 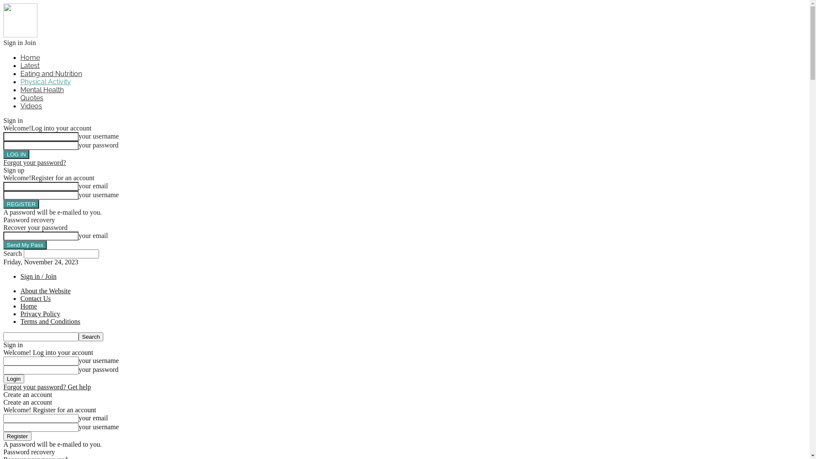 What do you see at coordinates (30, 42) in the screenshot?
I see `'Join'` at bounding box center [30, 42].